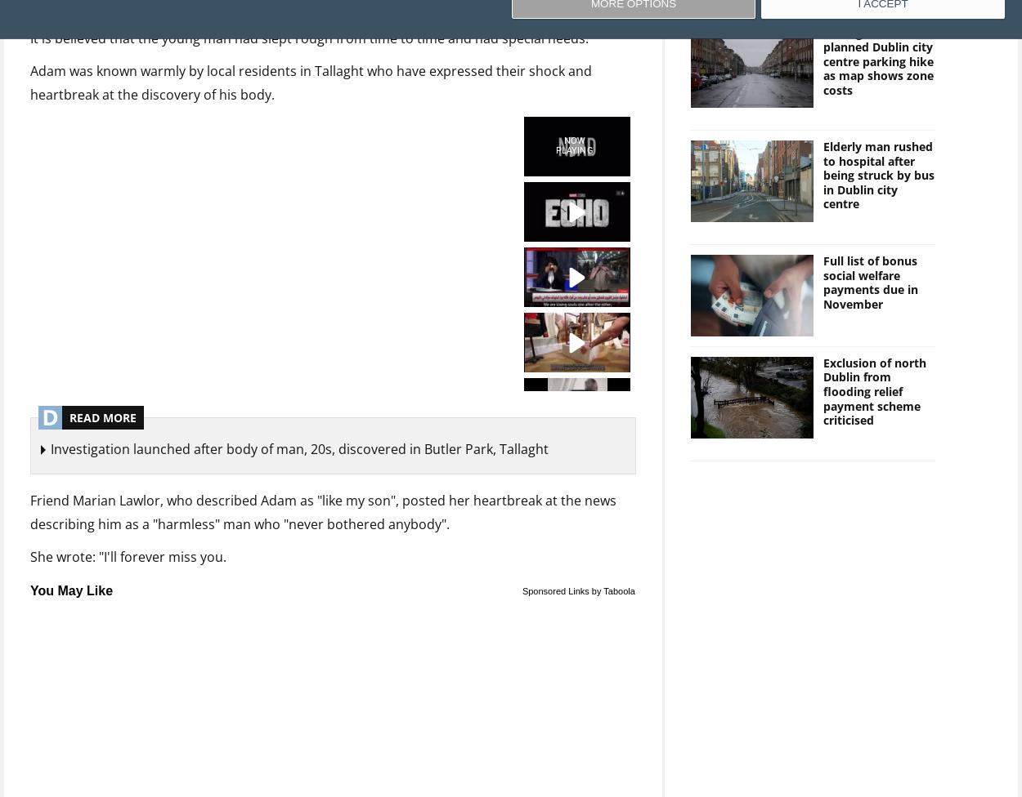 Image resolution: width=1022 pixels, height=797 pixels. Describe the element at coordinates (323, 510) in the screenshot. I see `'Friend Marian Lawlor, who described Adam as "like my son", posted her heartbreak at the news describing him as a "harmless" man who "never bothered anybody".'` at that location.